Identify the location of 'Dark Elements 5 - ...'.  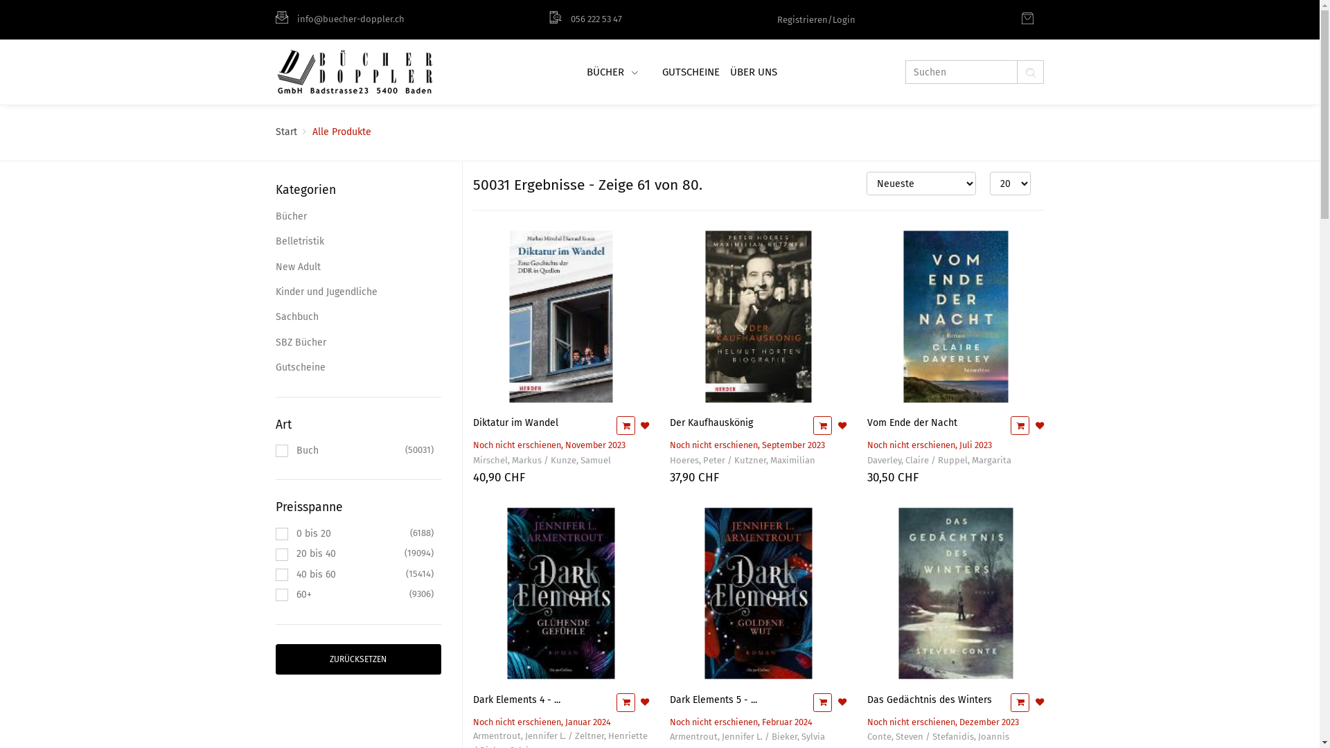
(713, 700).